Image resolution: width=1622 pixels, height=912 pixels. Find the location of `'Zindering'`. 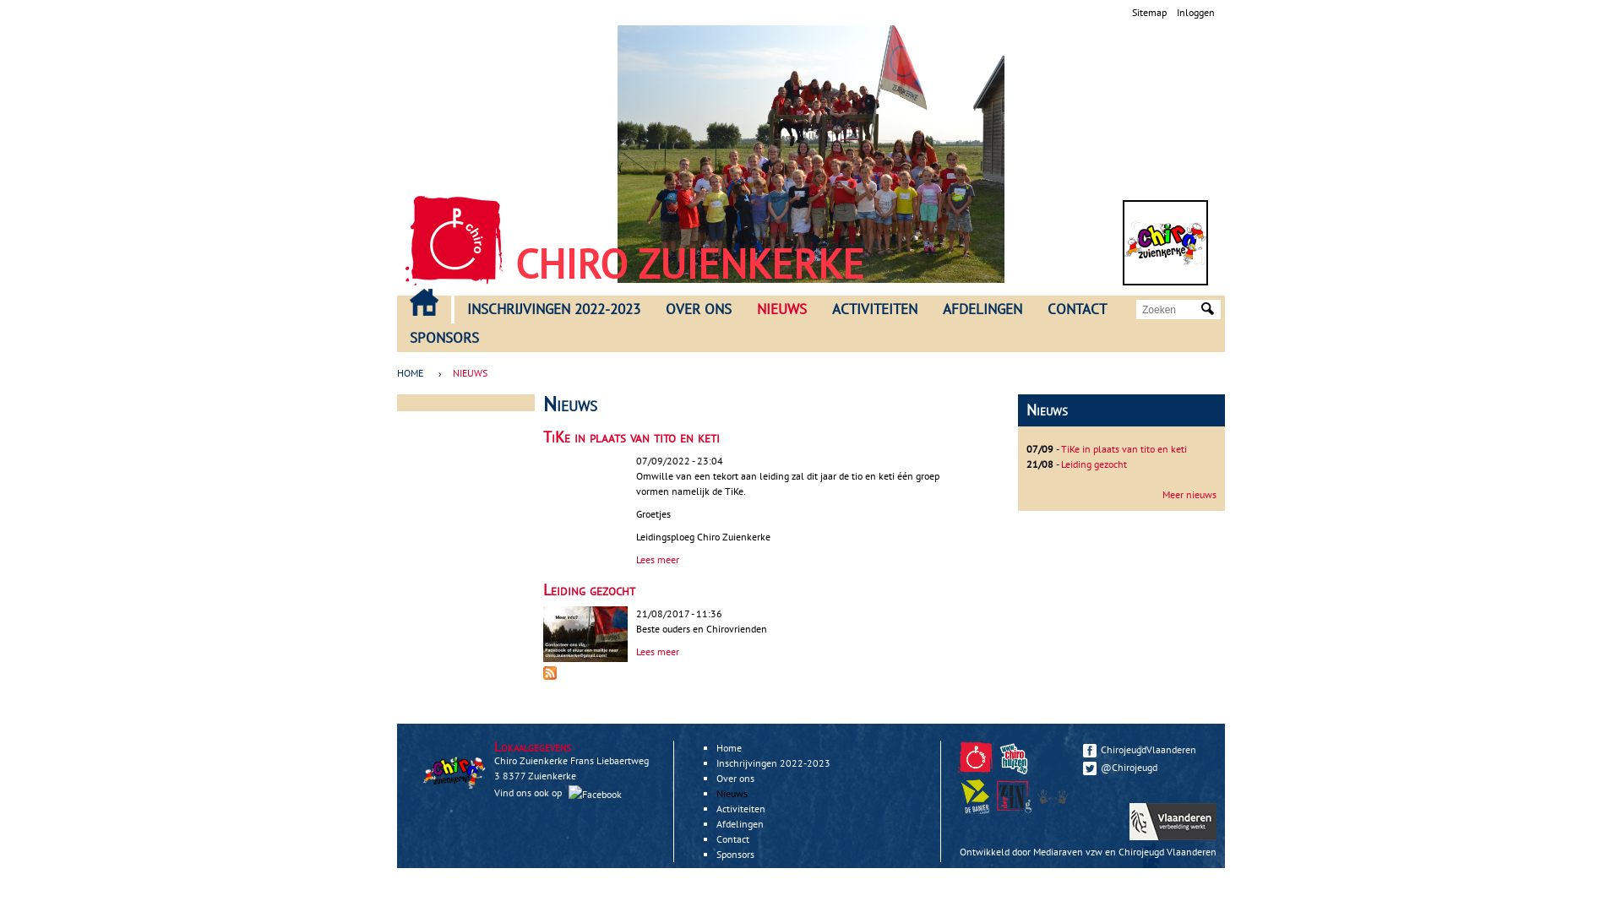

'Zindering' is located at coordinates (1015, 809).